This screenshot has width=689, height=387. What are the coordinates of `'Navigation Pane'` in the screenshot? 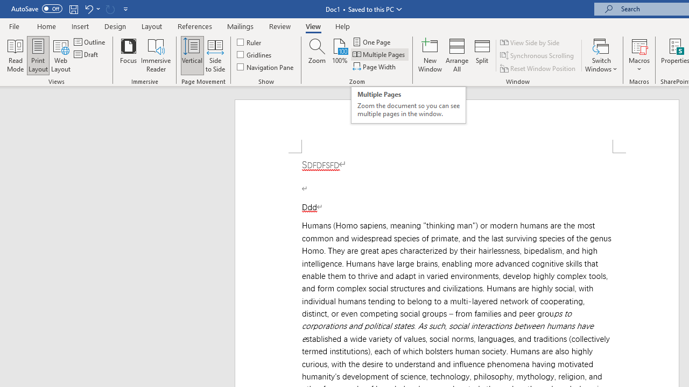 It's located at (266, 67).